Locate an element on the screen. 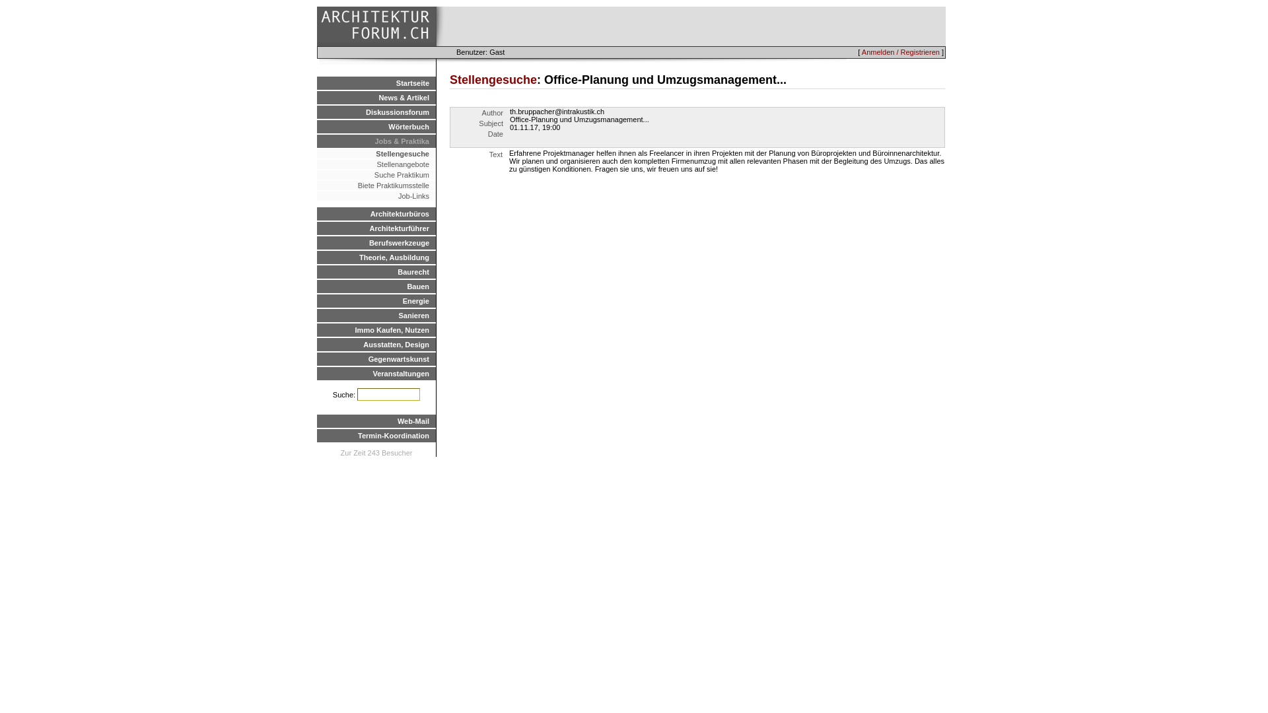 This screenshot has height=713, width=1268. 'Job-Links' is located at coordinates (376, 196).